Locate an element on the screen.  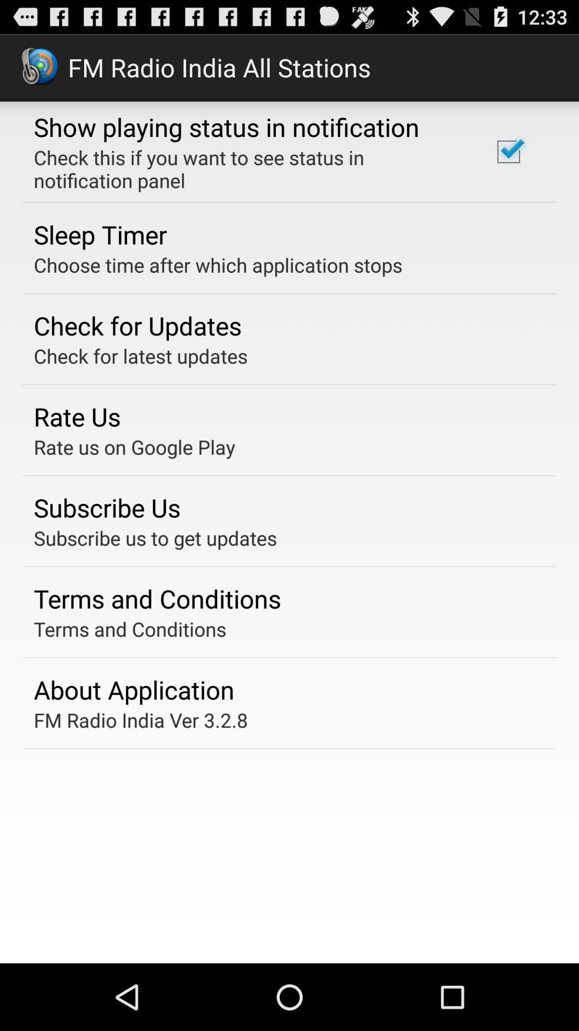
the app below check this if app is located at coordinates (100, 234).